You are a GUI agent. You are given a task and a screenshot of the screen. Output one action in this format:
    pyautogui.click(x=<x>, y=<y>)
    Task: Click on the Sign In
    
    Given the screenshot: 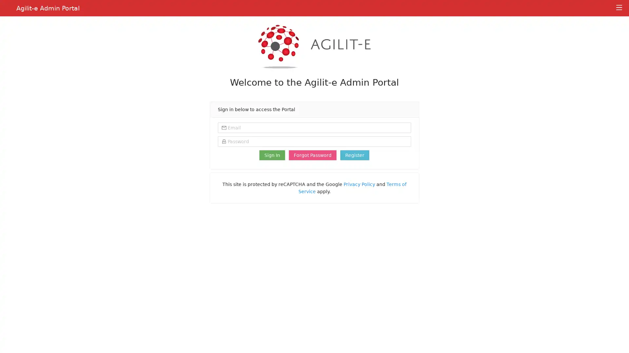 What is the action you would take?
    pyautogui.click(x=272, y=155)
    